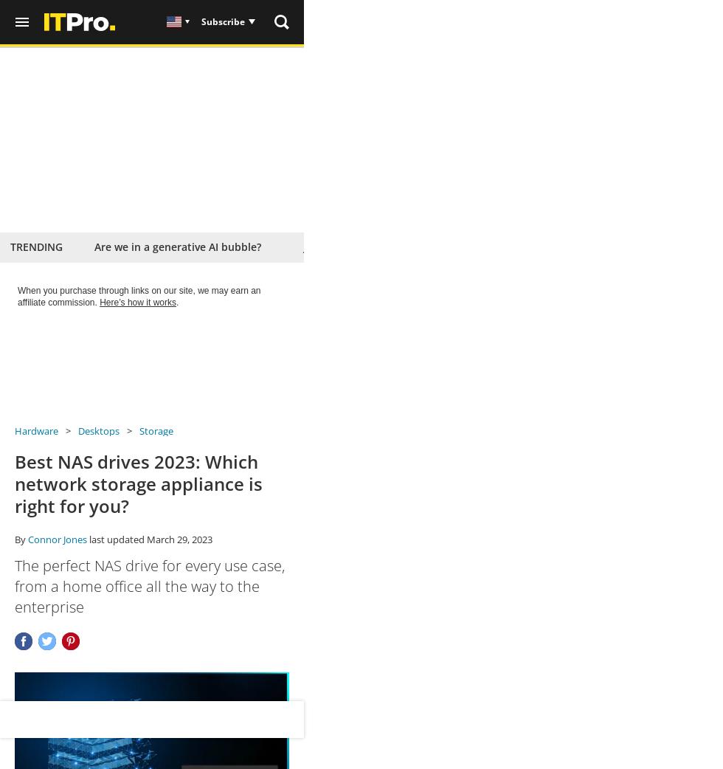 The width and height of the screenshot is (723, 769). I want to click on 'Storage', so click(155, 430).